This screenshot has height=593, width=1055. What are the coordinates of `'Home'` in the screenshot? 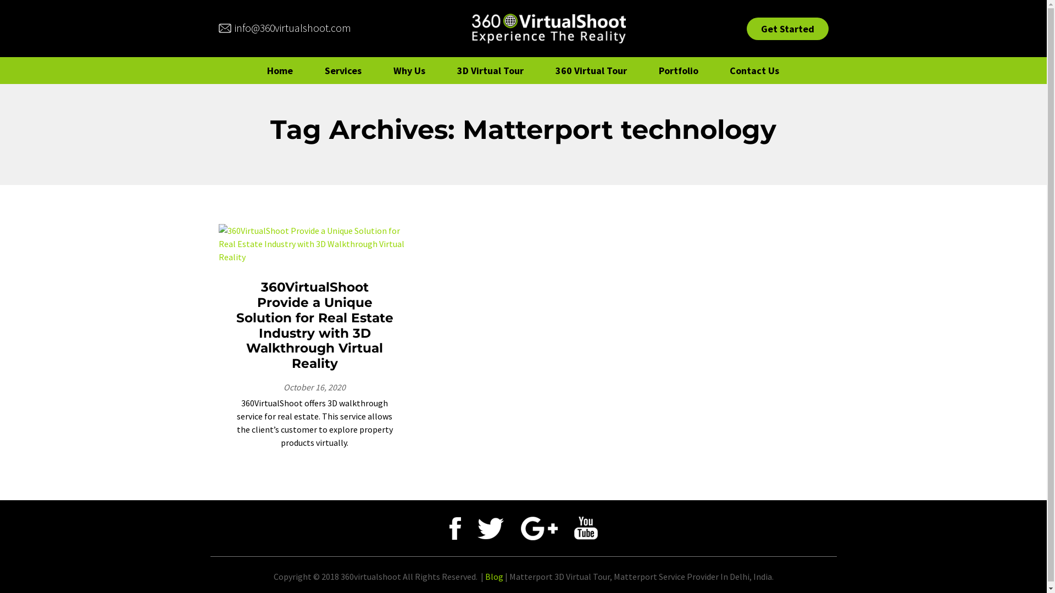 It's located at (256, 70).